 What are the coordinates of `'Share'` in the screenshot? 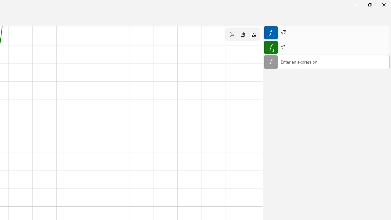 It's located at (243, 35).